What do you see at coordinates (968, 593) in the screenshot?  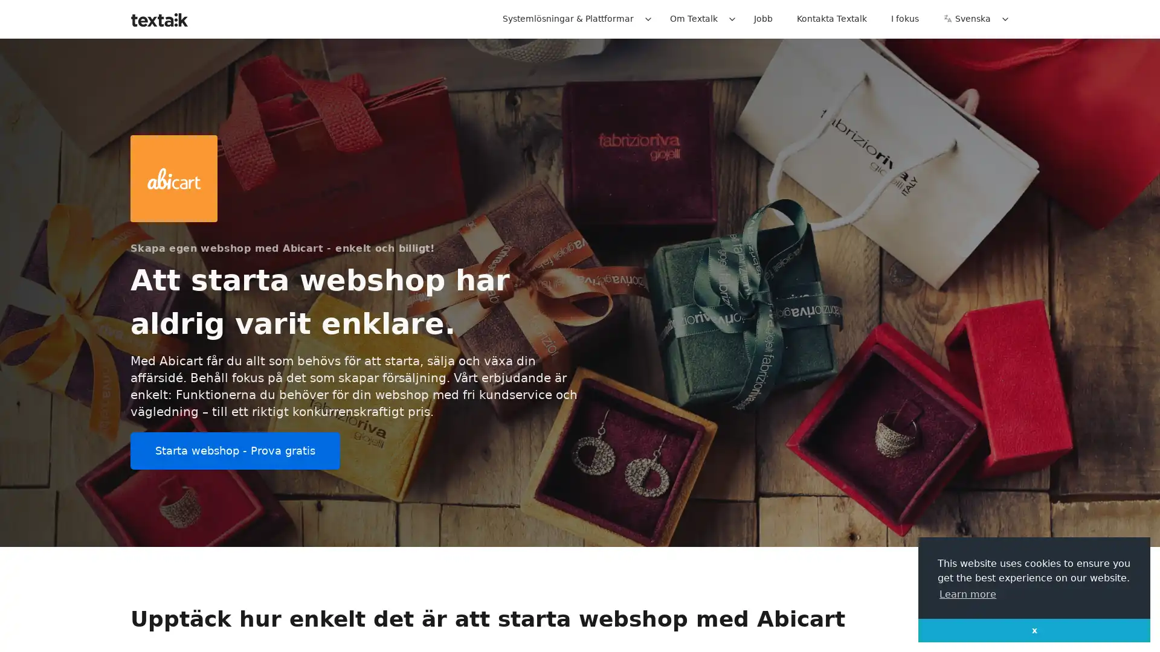 I see `learn more about cookies` at bounding box center [968, 593].